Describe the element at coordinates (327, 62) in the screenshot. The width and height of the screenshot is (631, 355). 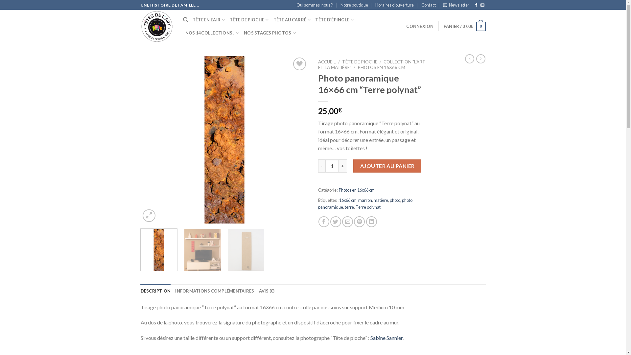
I see `'ACCUEIL'` at that location.